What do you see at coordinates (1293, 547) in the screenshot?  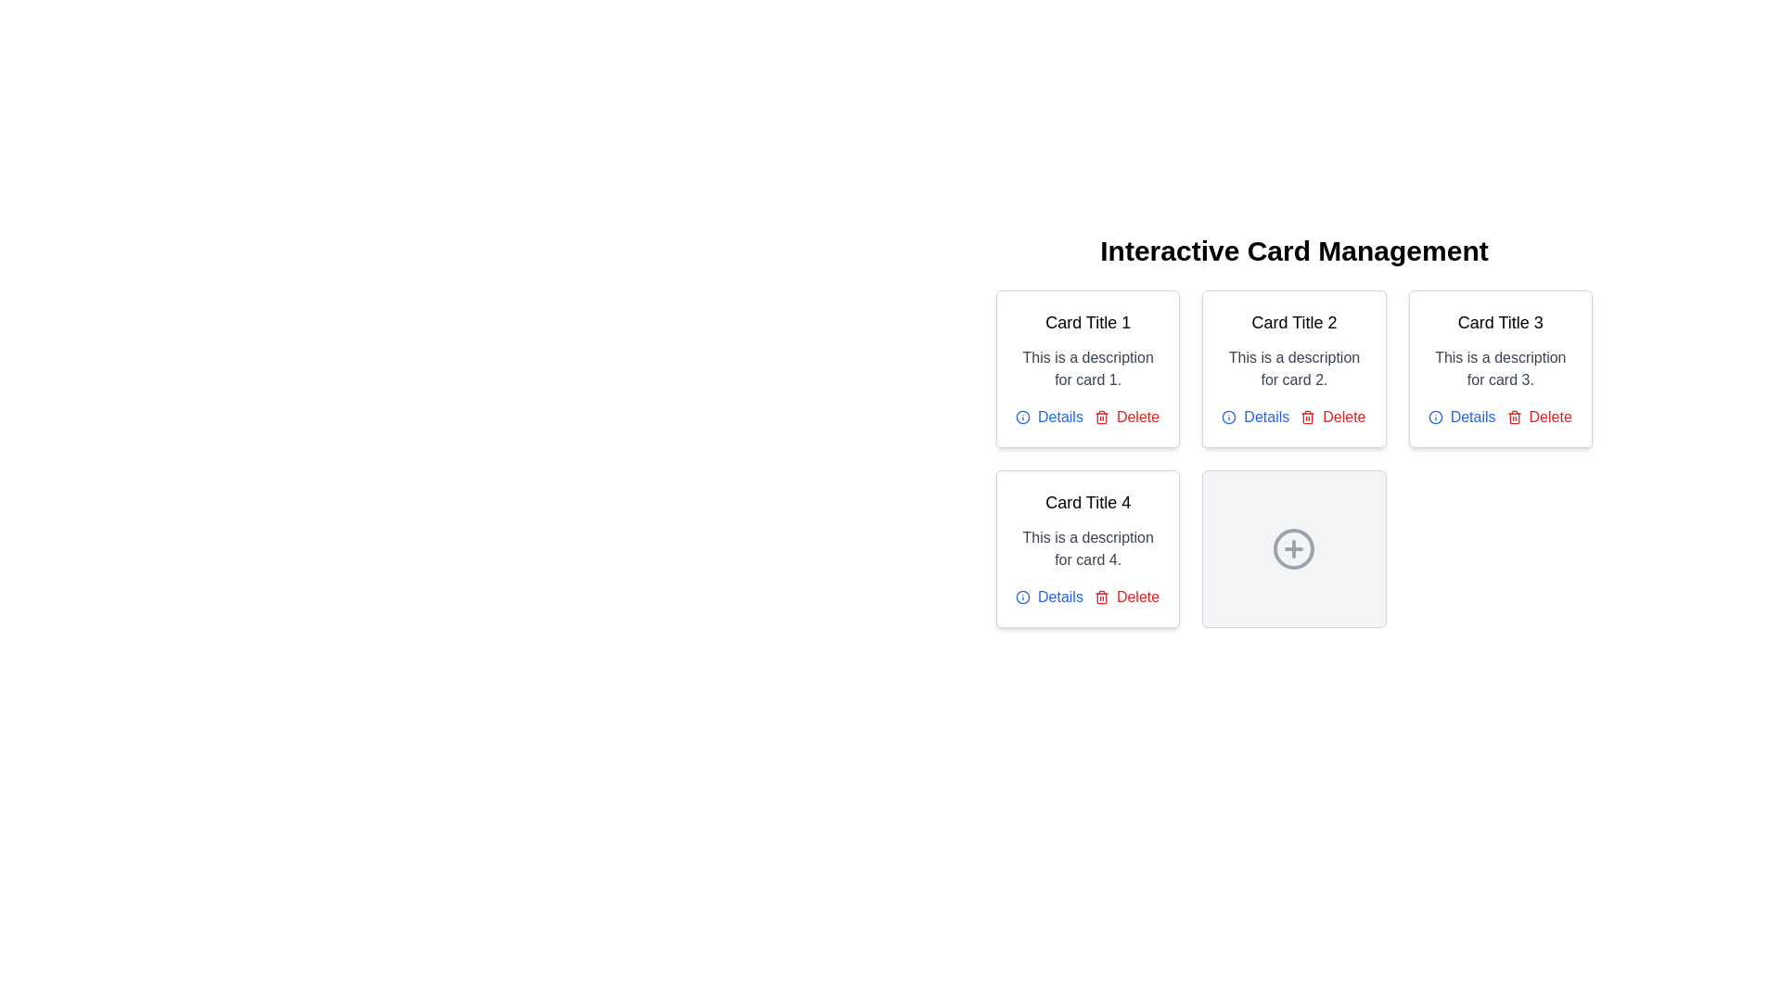 I see `the 'add' icon button located at the bottom-right of the card beneath 'Card Title 4'` at bounding box center [1293, 547].